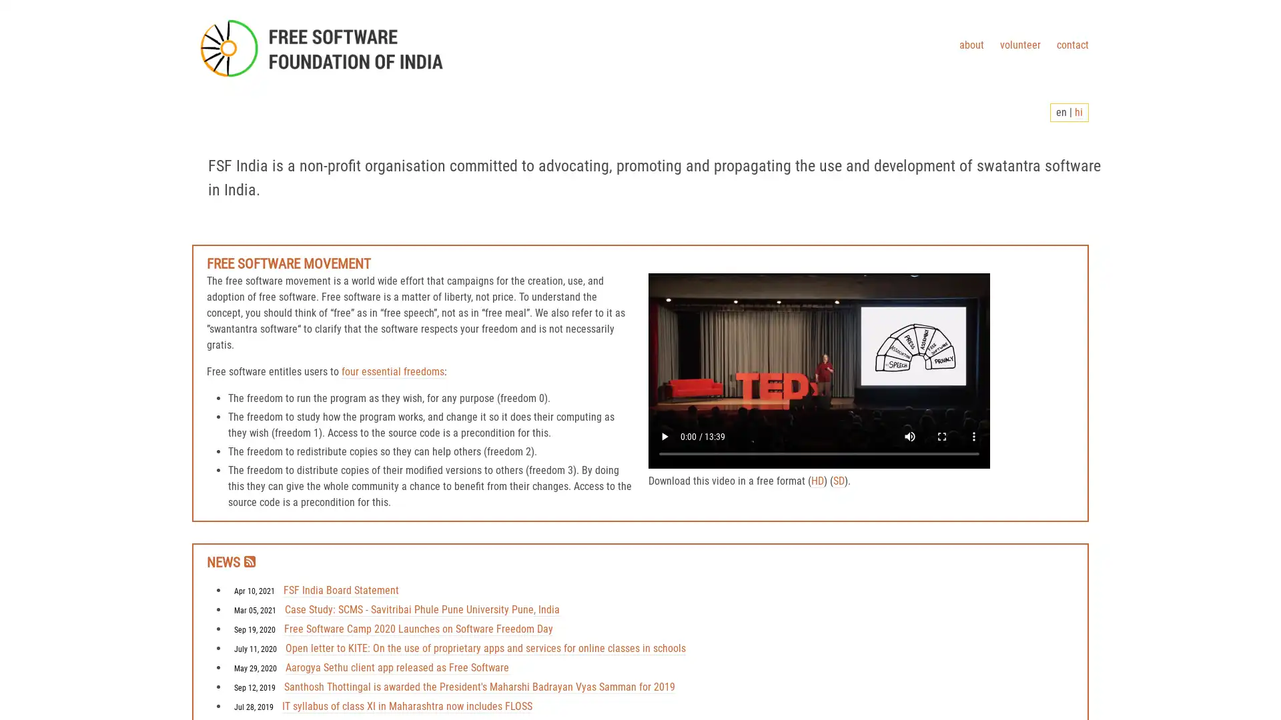  I want to click on enter full screen, so click(941, 437).